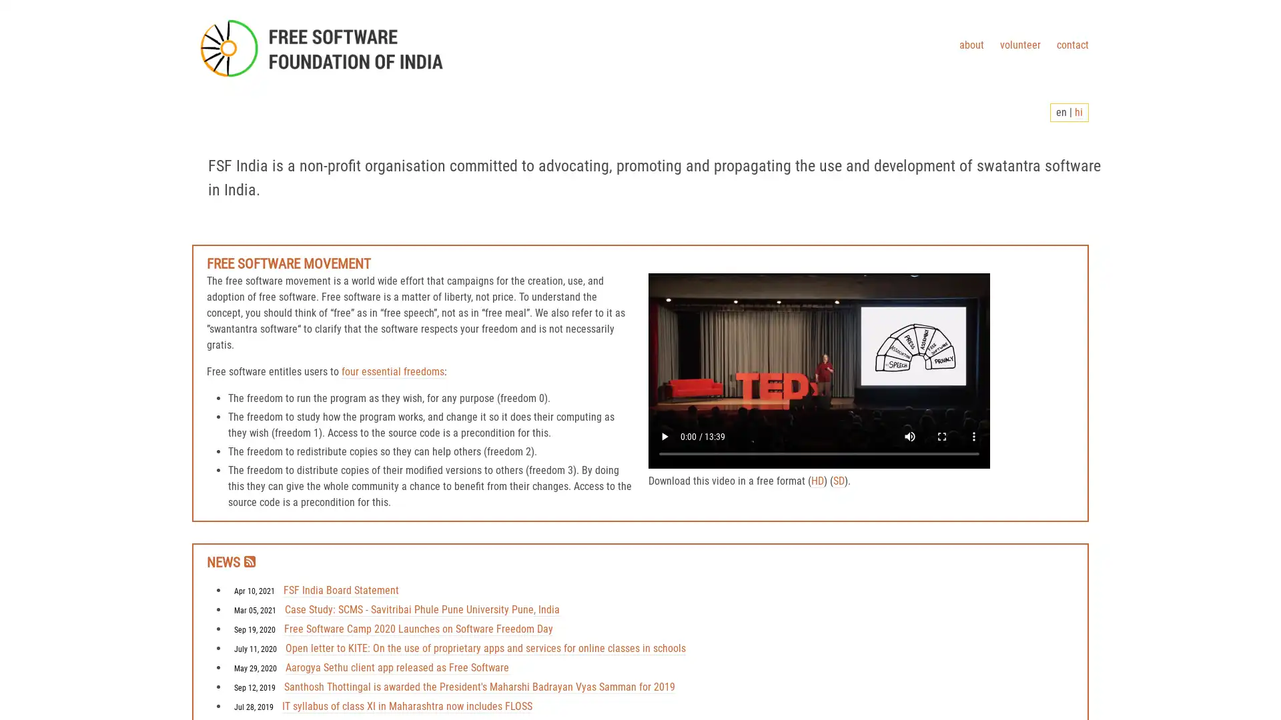  I want to click on enter full screen, so click(941, 437).